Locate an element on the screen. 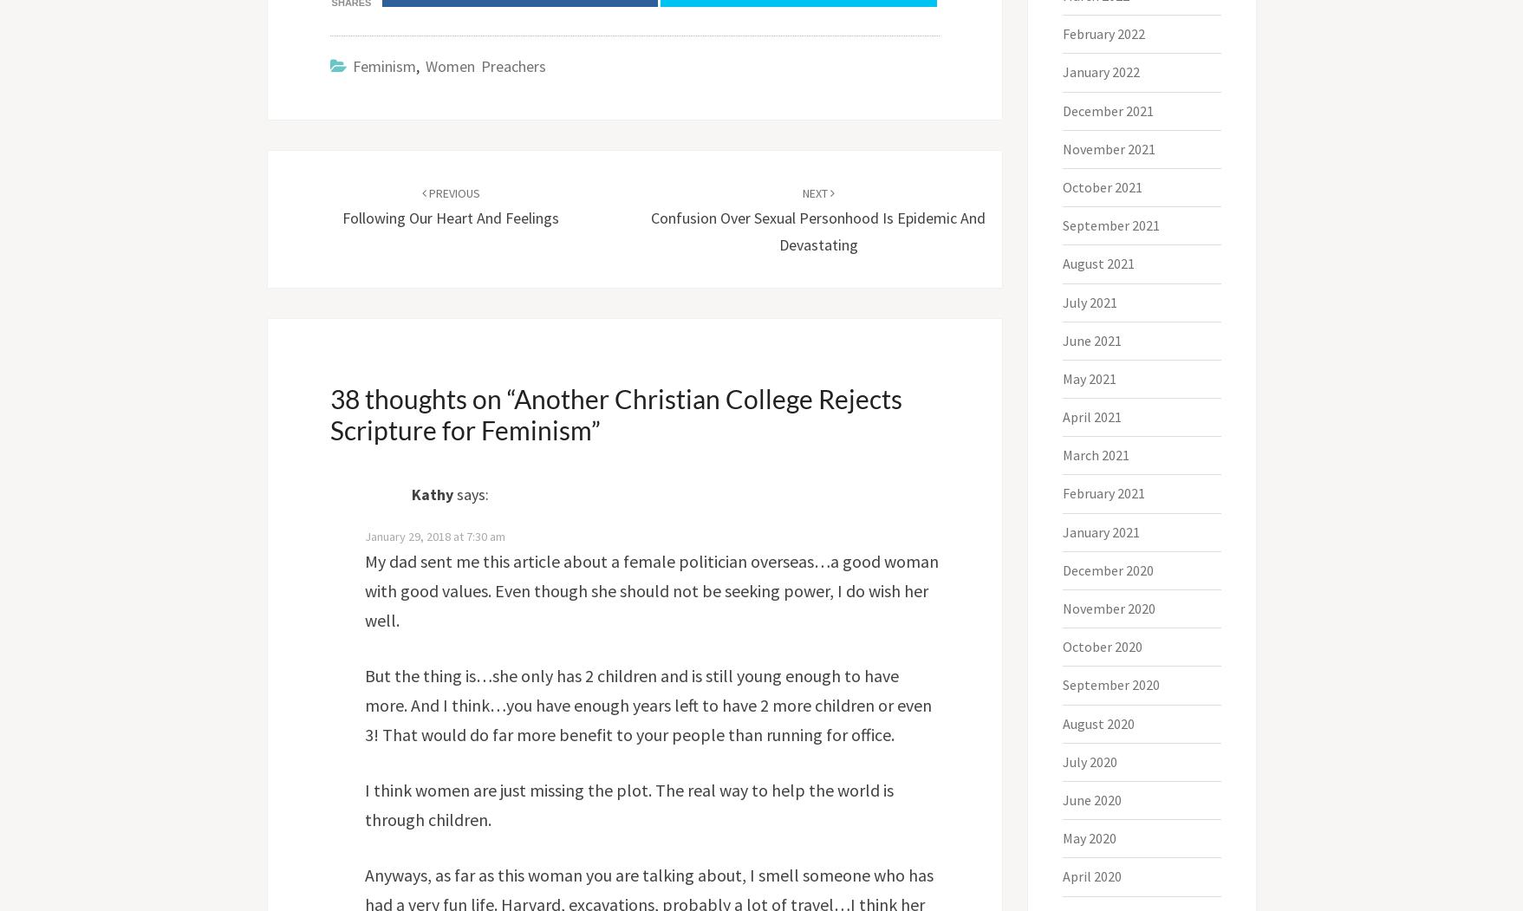  'November 2021' is located at coordinates (1109, 147).